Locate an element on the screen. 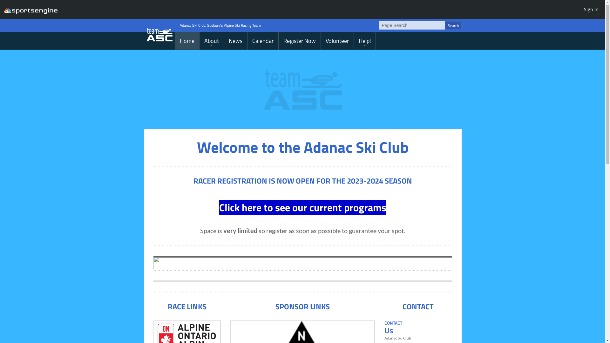  'About' is located at coordinates (212, 41).